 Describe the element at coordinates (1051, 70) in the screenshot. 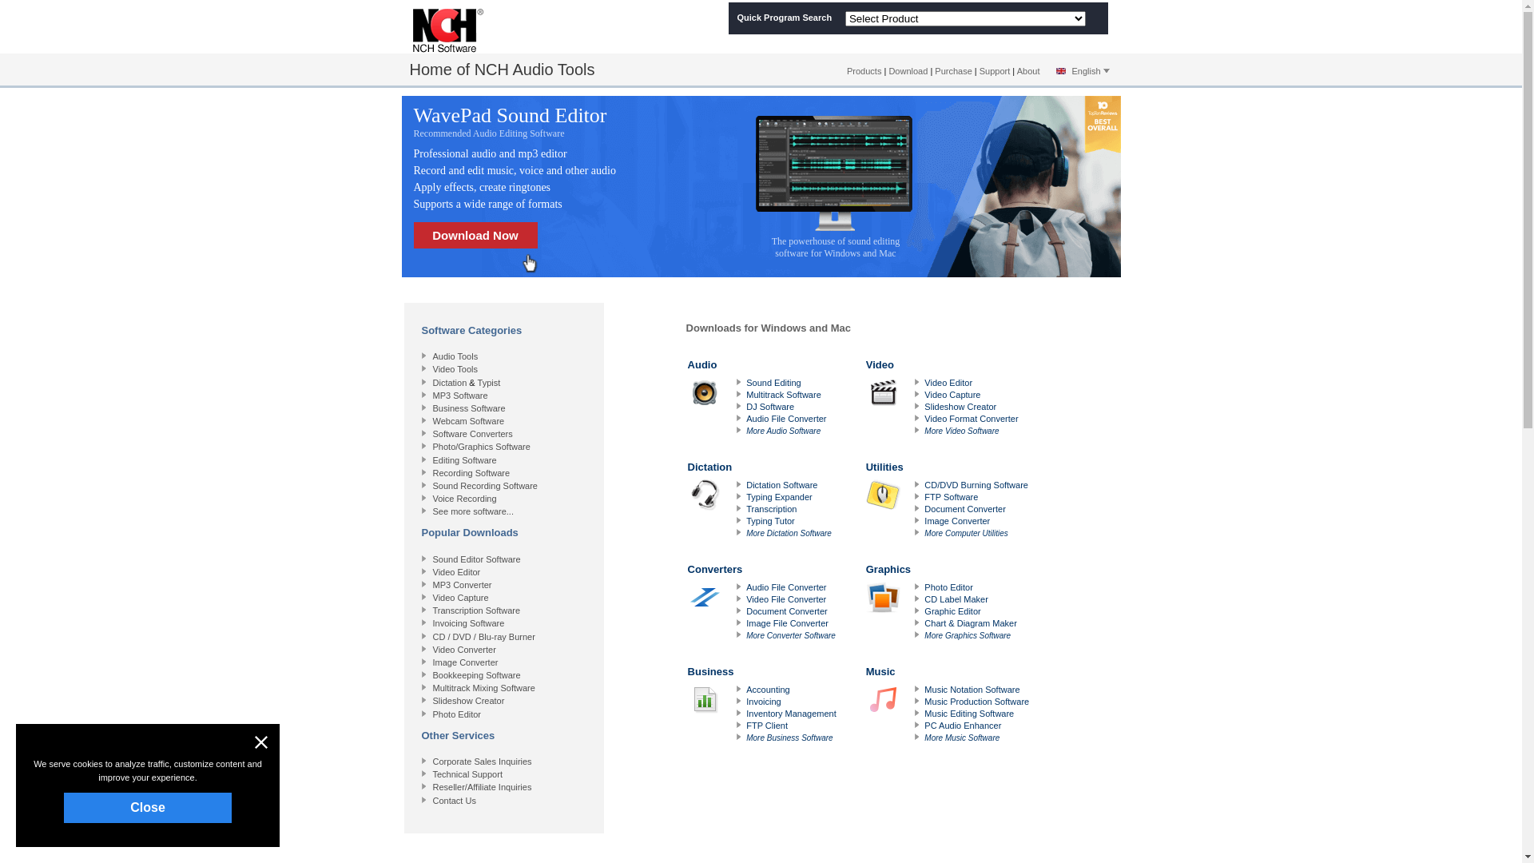

I see `'English'` at that location.